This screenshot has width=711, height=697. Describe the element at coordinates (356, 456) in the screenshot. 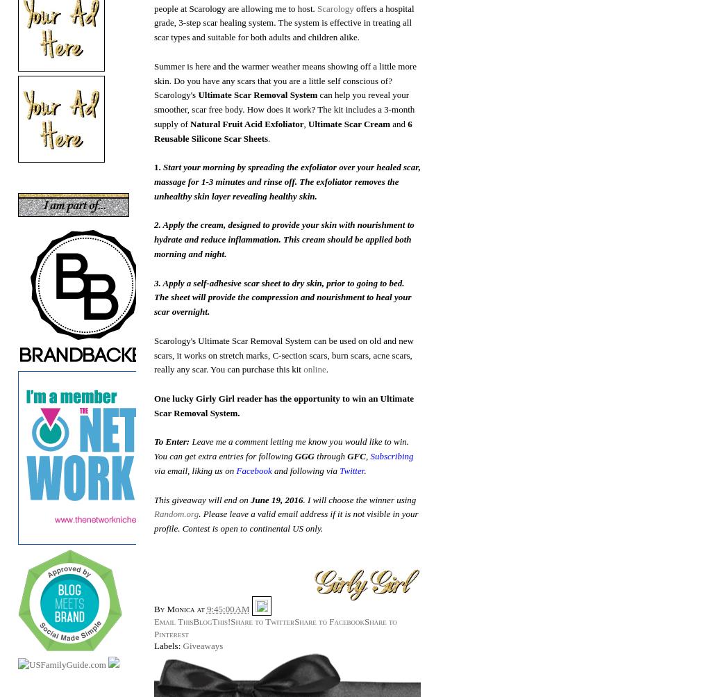

I see `'GFC'` at that location.